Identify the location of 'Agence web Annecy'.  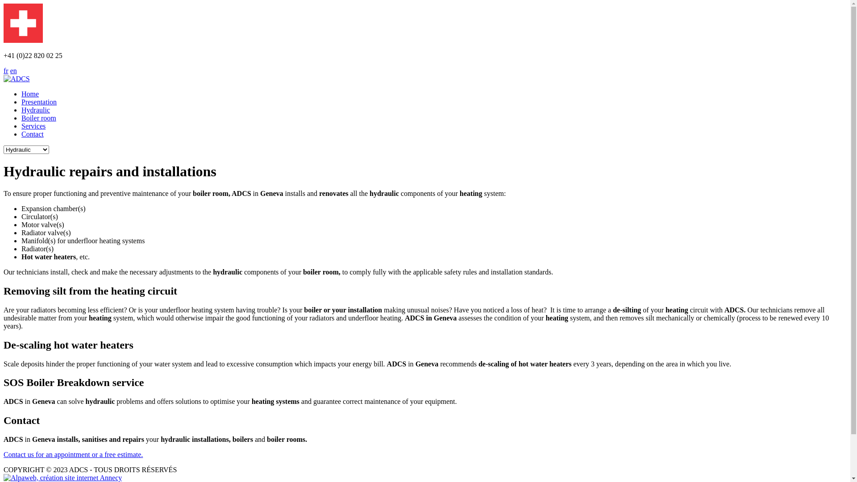
(62, 477).